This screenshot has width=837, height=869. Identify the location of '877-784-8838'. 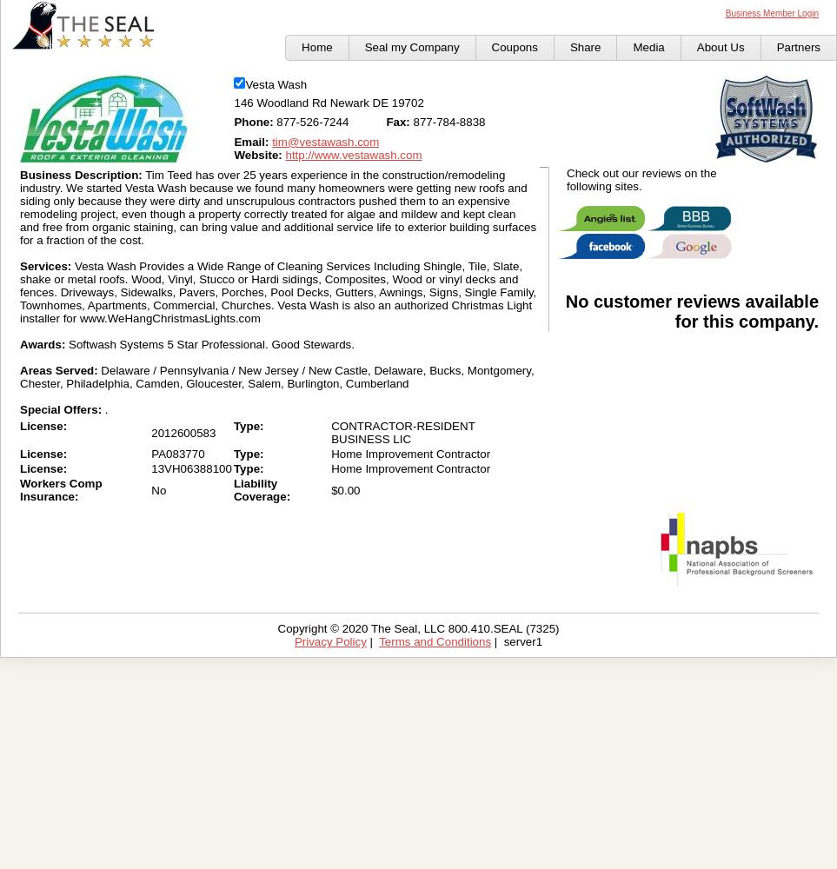
(448, 121).